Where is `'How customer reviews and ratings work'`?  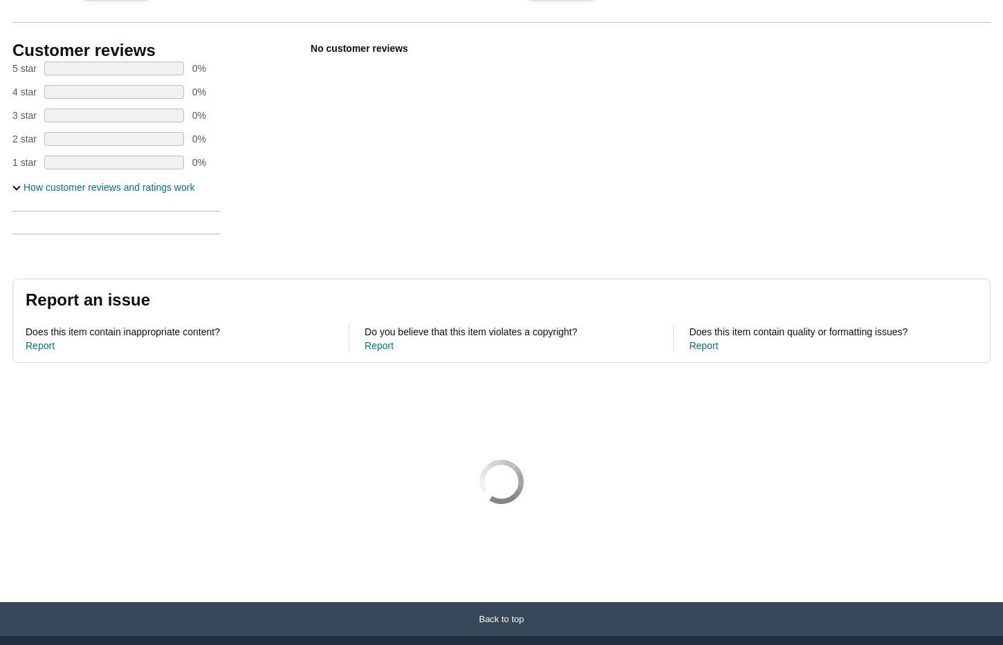 'How customer reviews and ratings work' is located at coordinates (108, 187).